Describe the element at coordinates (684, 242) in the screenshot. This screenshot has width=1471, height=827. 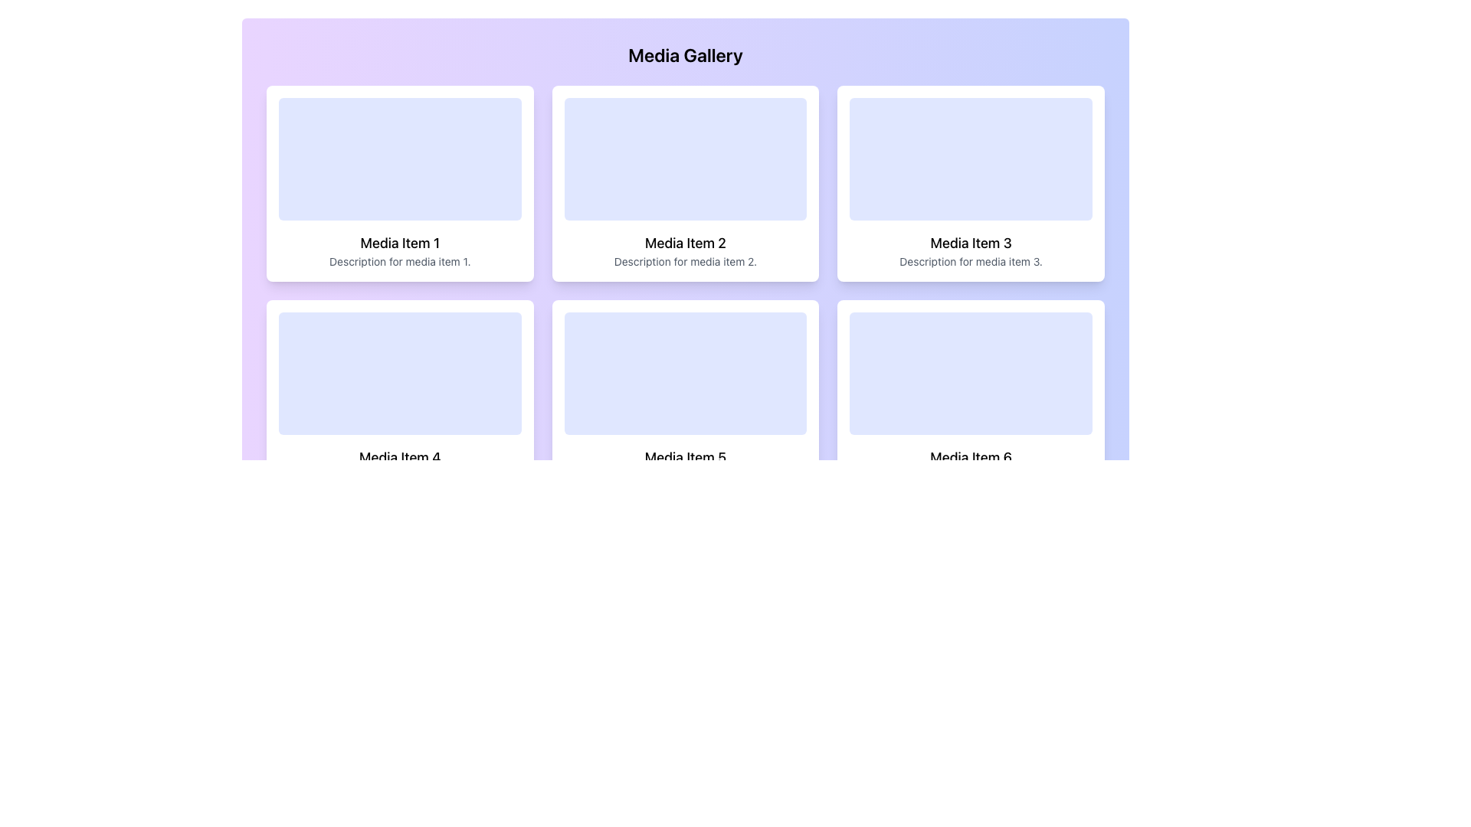
I see `the title text element located at the center of the grid layout, directly beneath the image placeholder` at that location.